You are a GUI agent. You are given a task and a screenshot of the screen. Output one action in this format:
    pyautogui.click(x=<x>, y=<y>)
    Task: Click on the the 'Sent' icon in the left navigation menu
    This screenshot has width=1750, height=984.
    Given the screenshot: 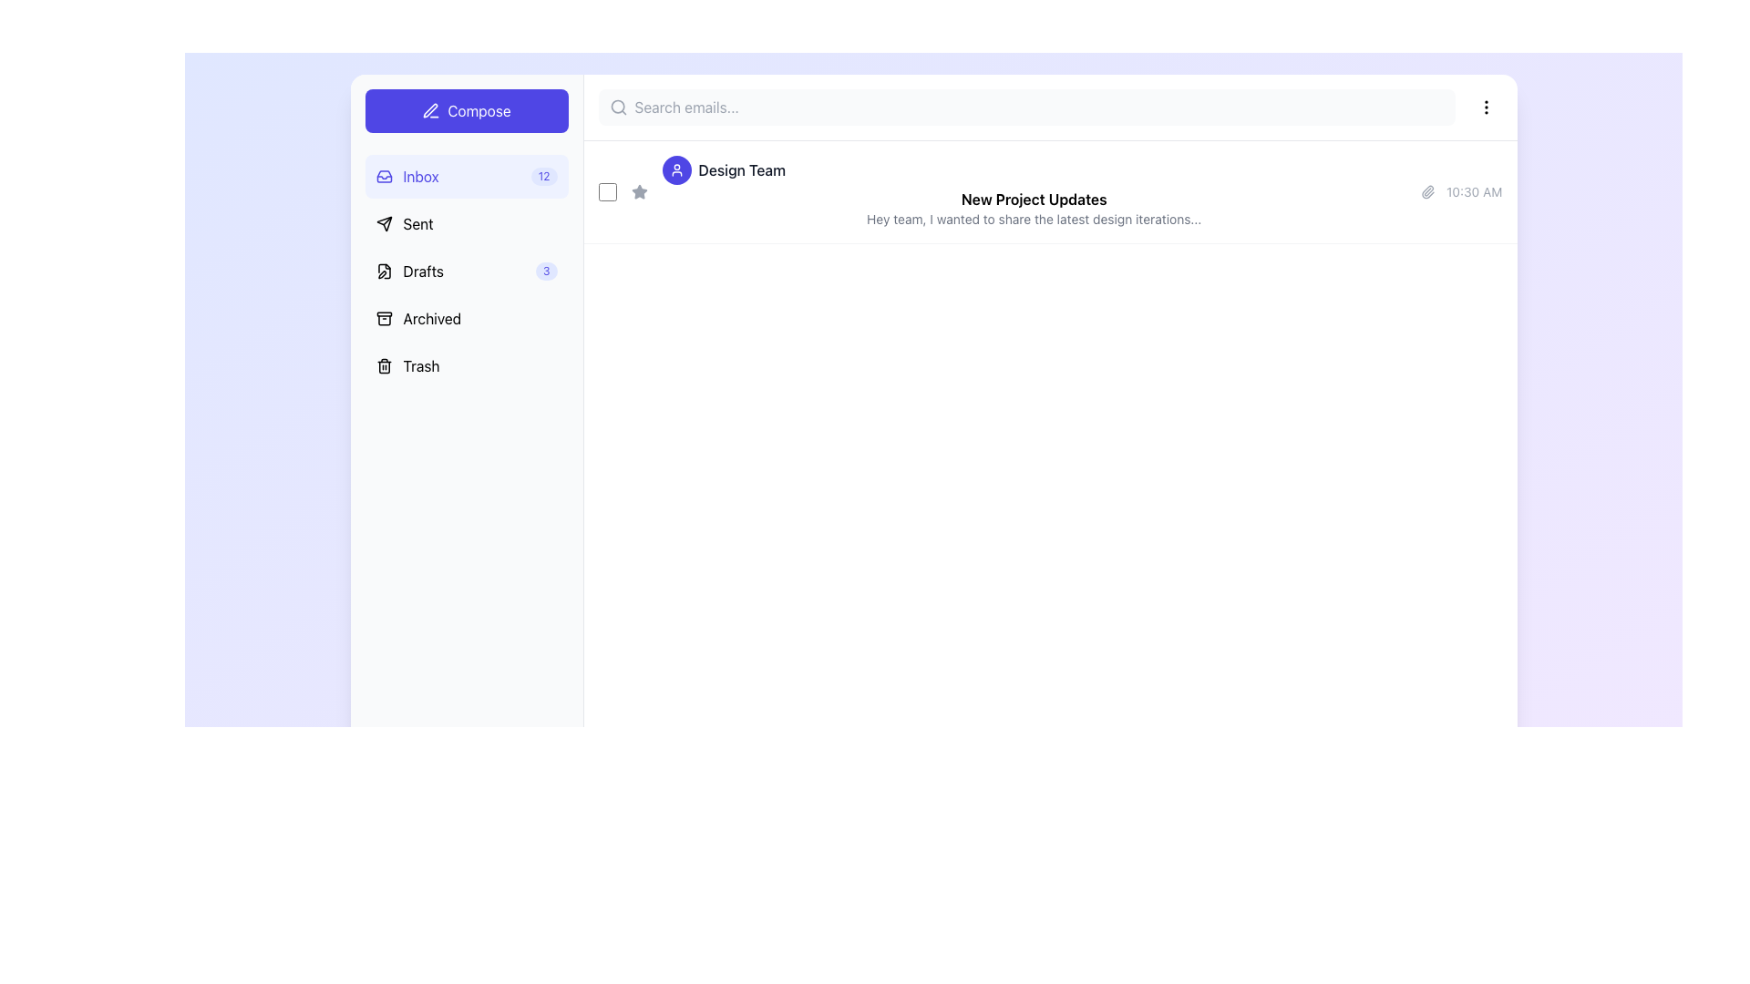 What is the action you would take?
    pyautogui.click(x=383, y=223)
    